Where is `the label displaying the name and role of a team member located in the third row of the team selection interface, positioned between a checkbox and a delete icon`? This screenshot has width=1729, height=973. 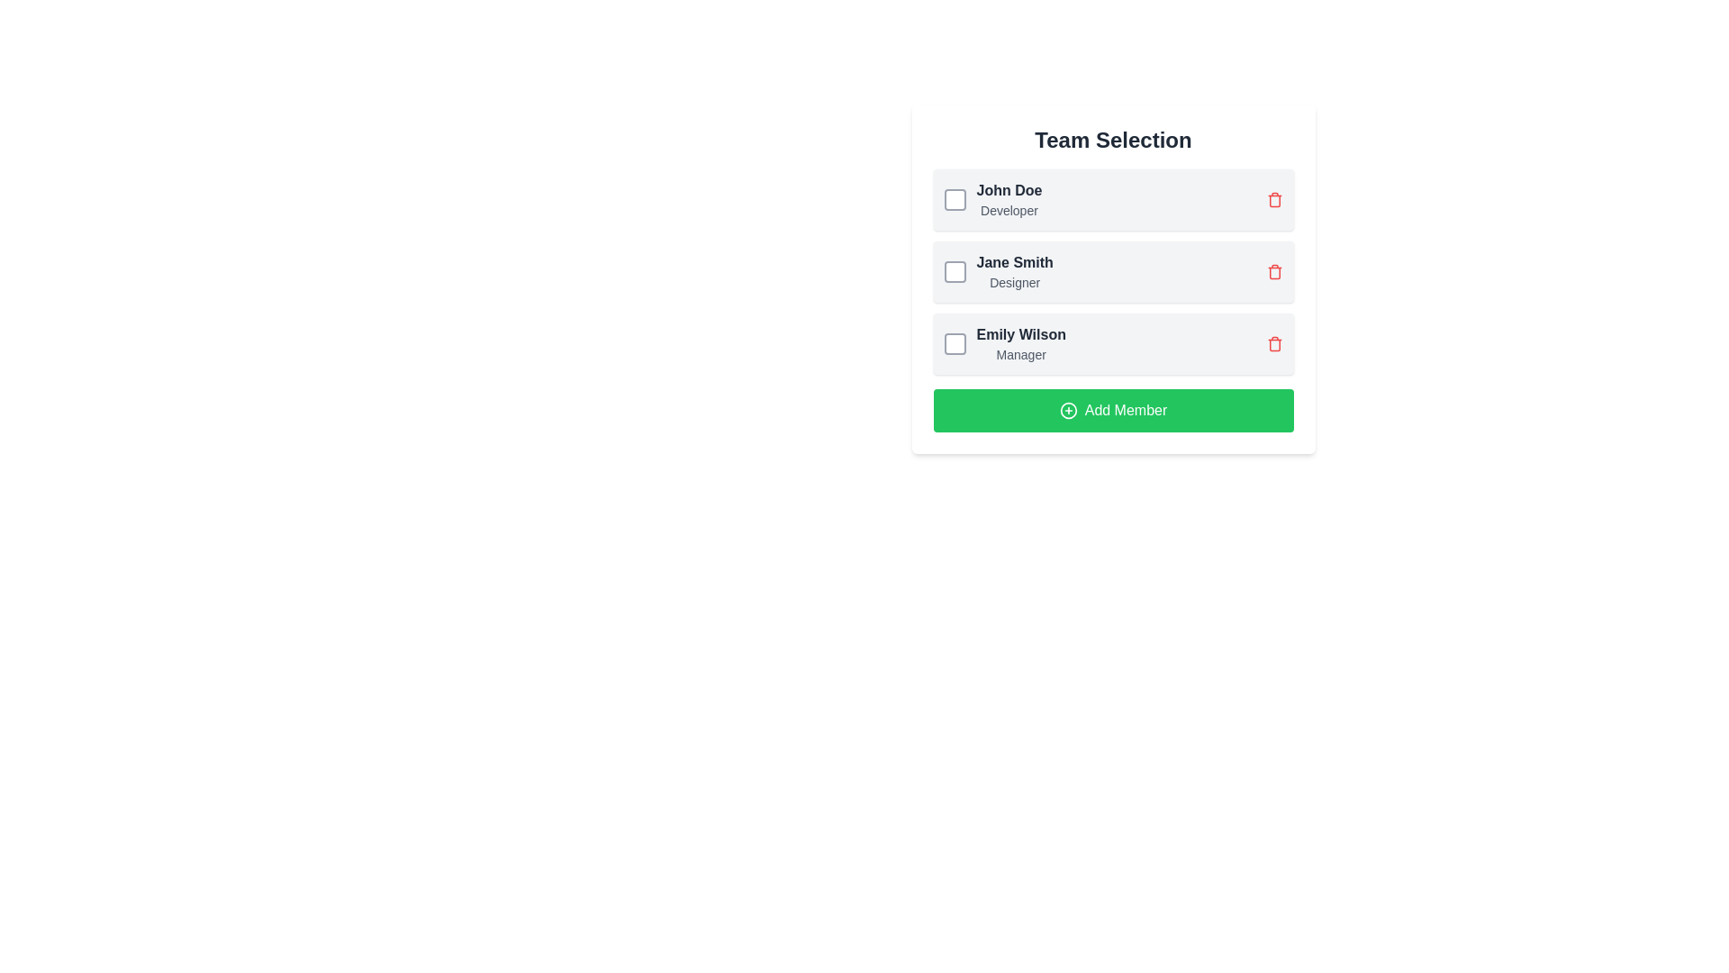
the label displaying the name and role of a team member located in the third row of the team selection interface, positioned between a checkbox and a delete icon is located at coordinates (1021, 343).